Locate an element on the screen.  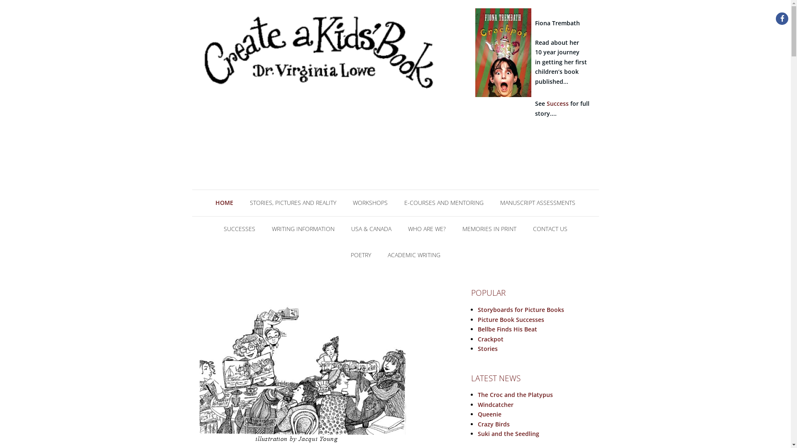
'CONTACT US' is located at coordinates (550, 228).